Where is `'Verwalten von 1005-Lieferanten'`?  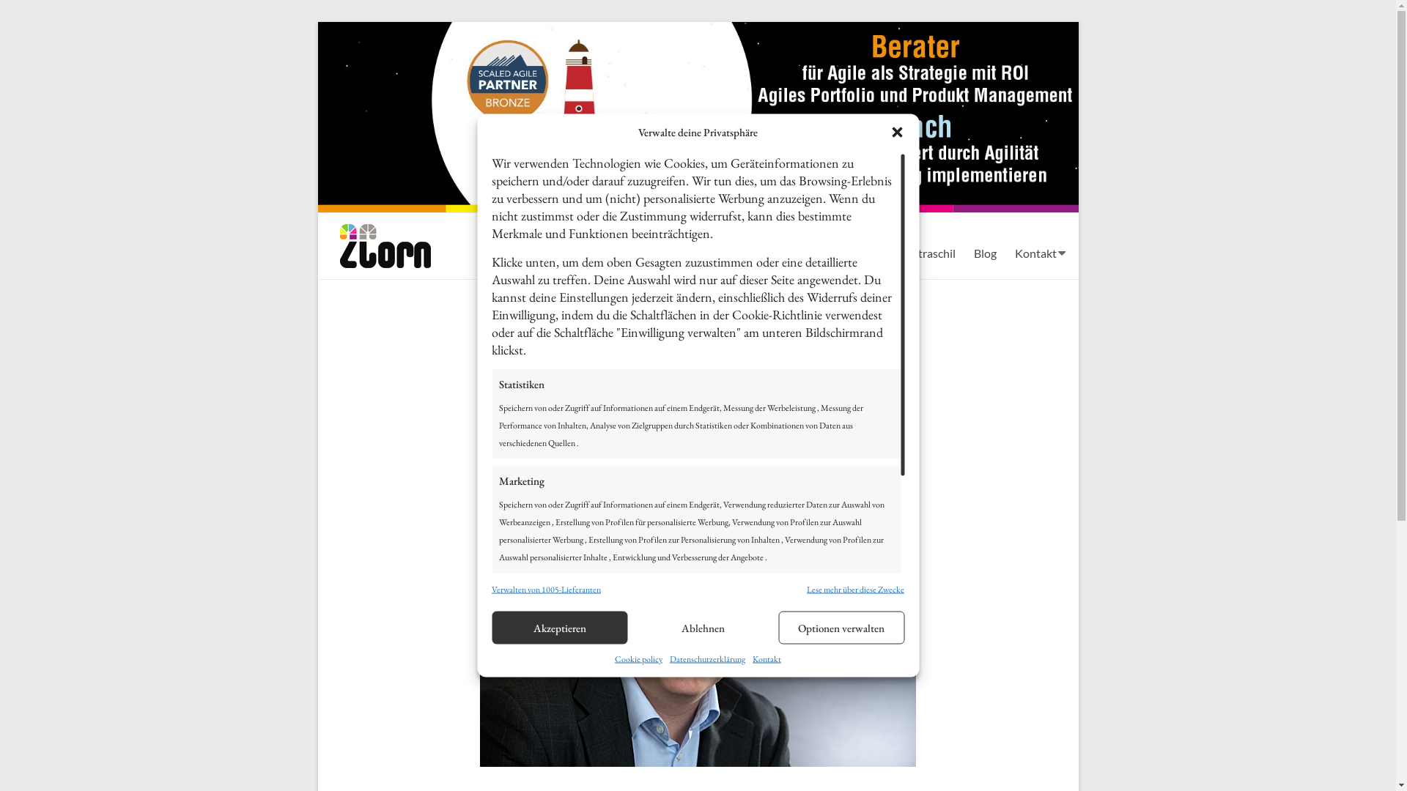 'Verwalten von 1005-Lieferanten' is located at coordinates (545, 587).